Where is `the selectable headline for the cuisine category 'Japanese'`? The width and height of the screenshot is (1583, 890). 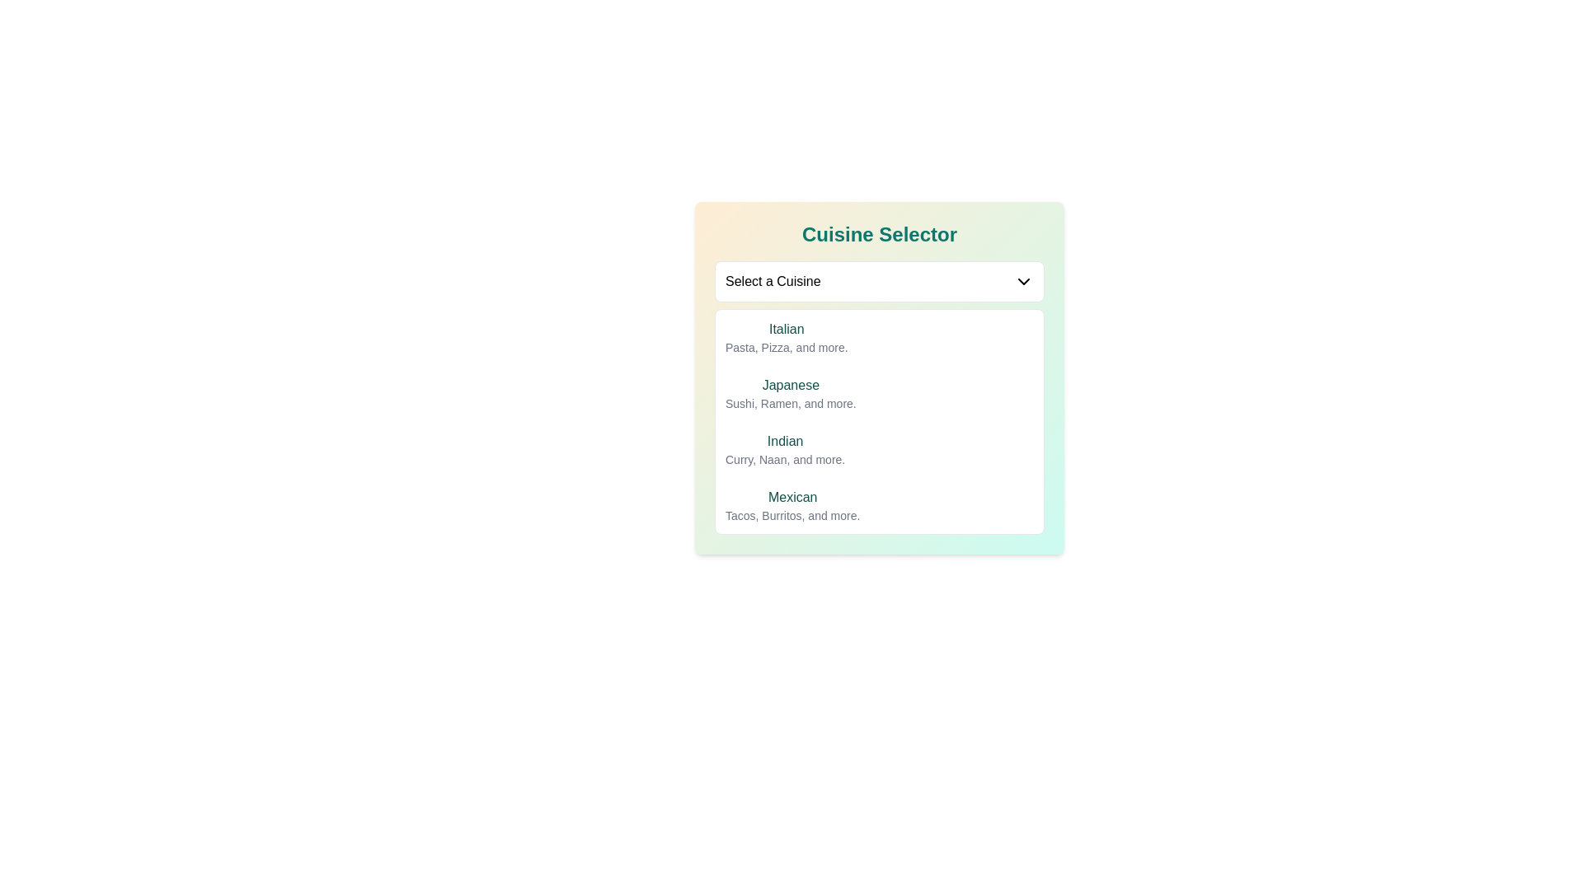
the selectable headline for the cuisine category 'Japanese' is located at coordinates (790, 385).